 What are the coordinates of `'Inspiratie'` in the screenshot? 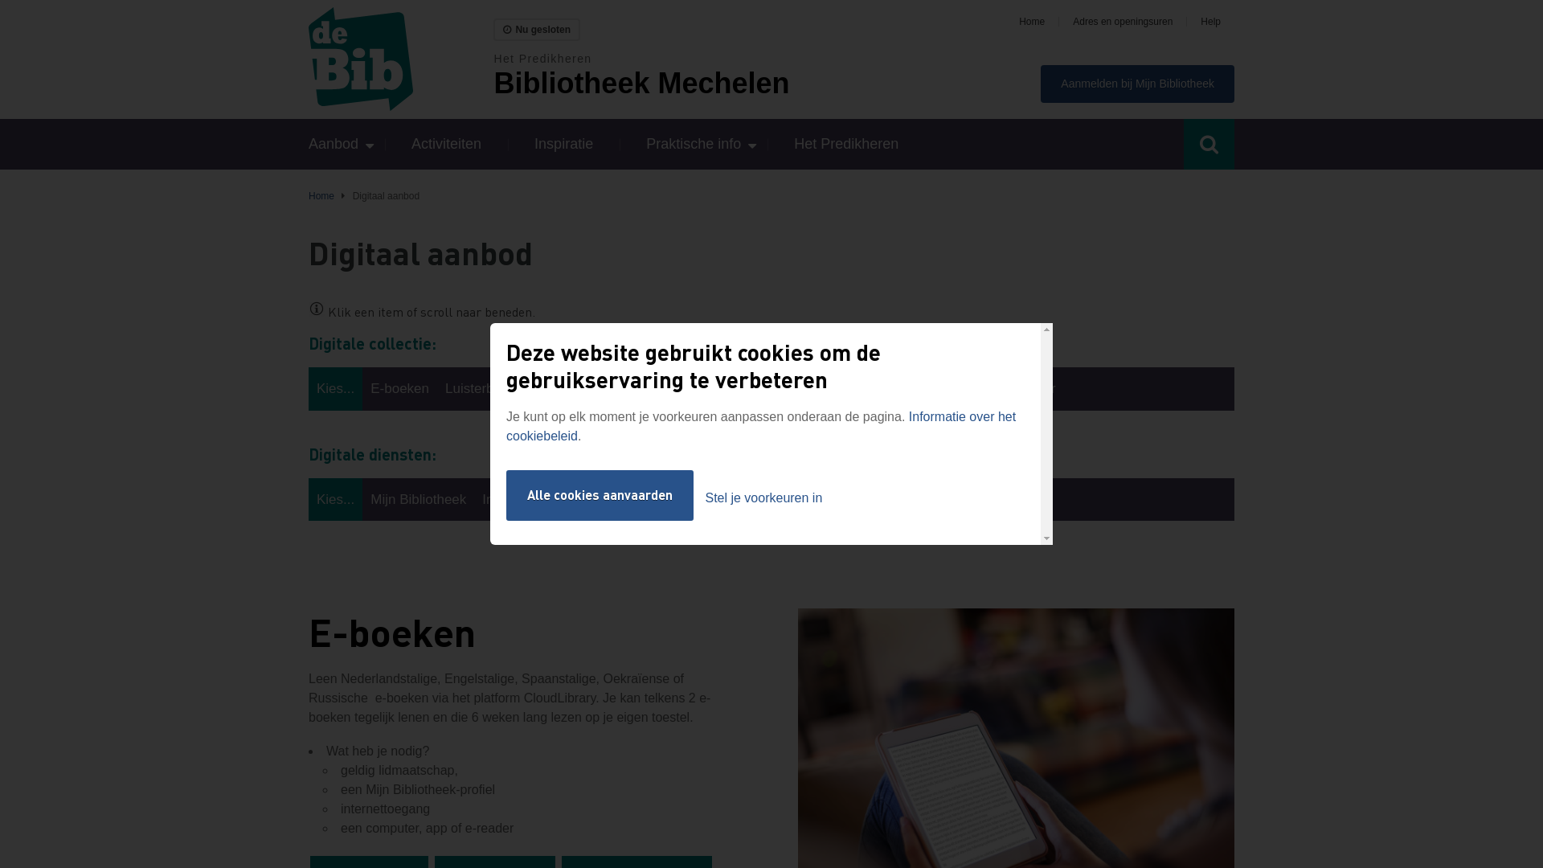 It's located at (563, 143).